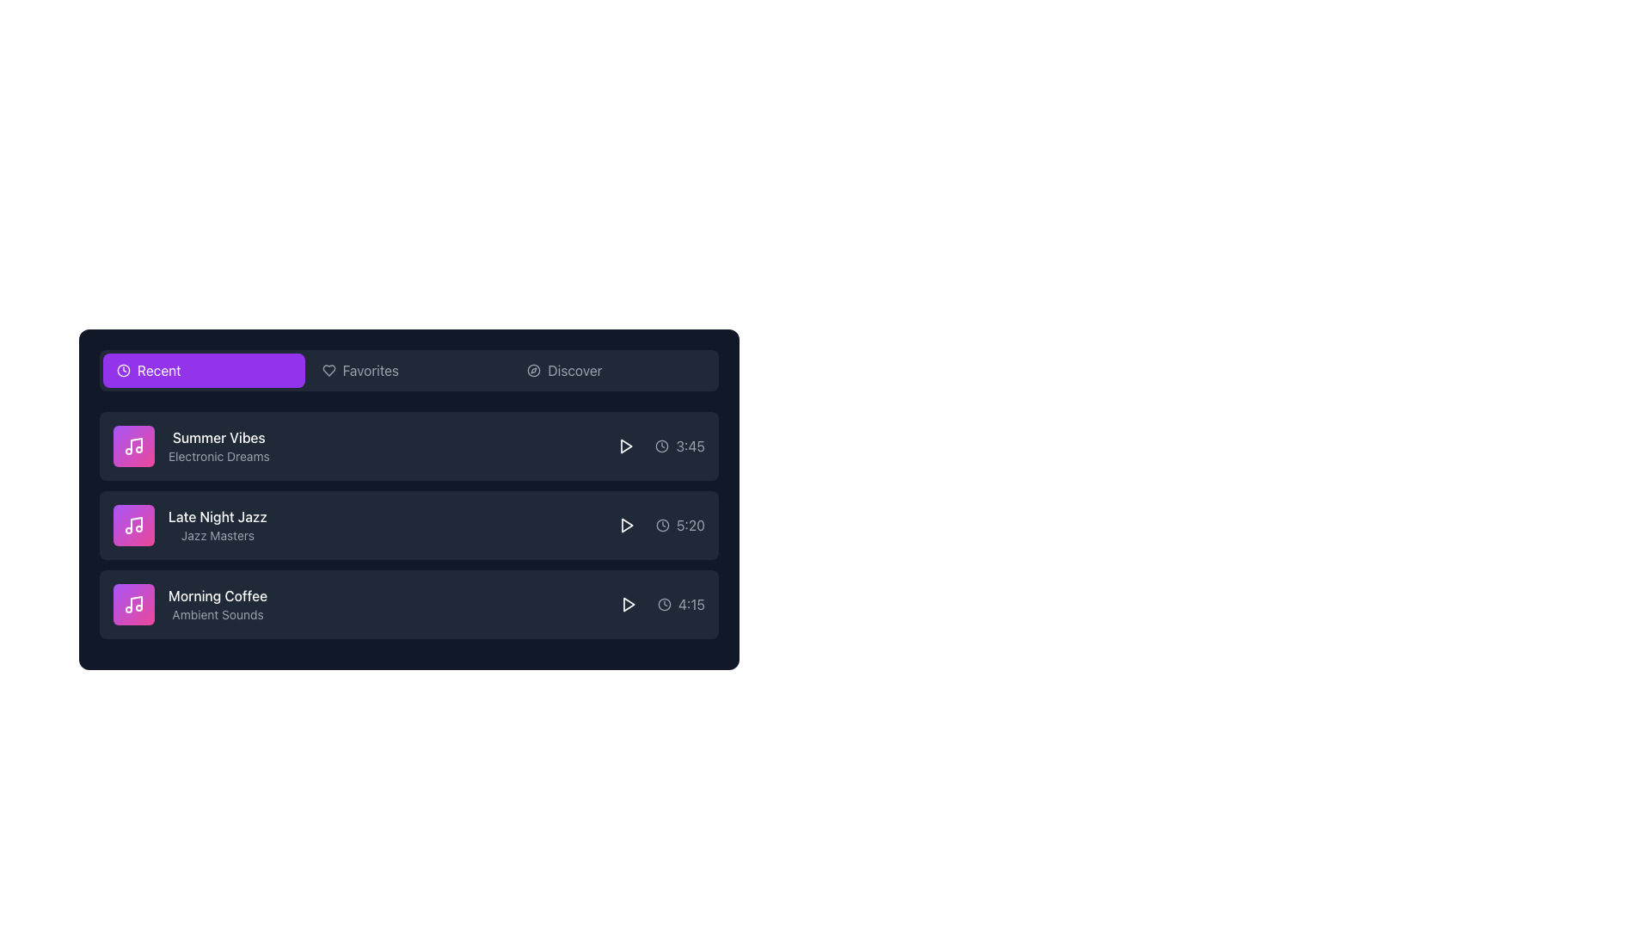 The height and width of the screenshot is (929, 1651). What do you see at coordinates (218, 446) in the screenshot?
I see `the 'Summer Vibes' text block, which is part of a vertical list under the 'Recent' header` at bounding box center [218, 446].